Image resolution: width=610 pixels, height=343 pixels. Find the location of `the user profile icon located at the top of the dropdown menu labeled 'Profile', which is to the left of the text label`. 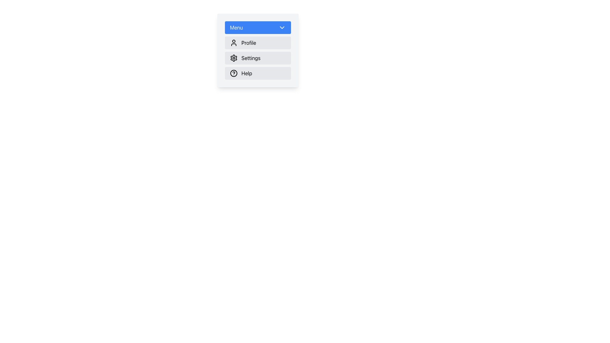

the user profile icon located at the top of the dropdown menu labeled 'Profile', which is to the left of the text label is located at coordinates (233, 43).